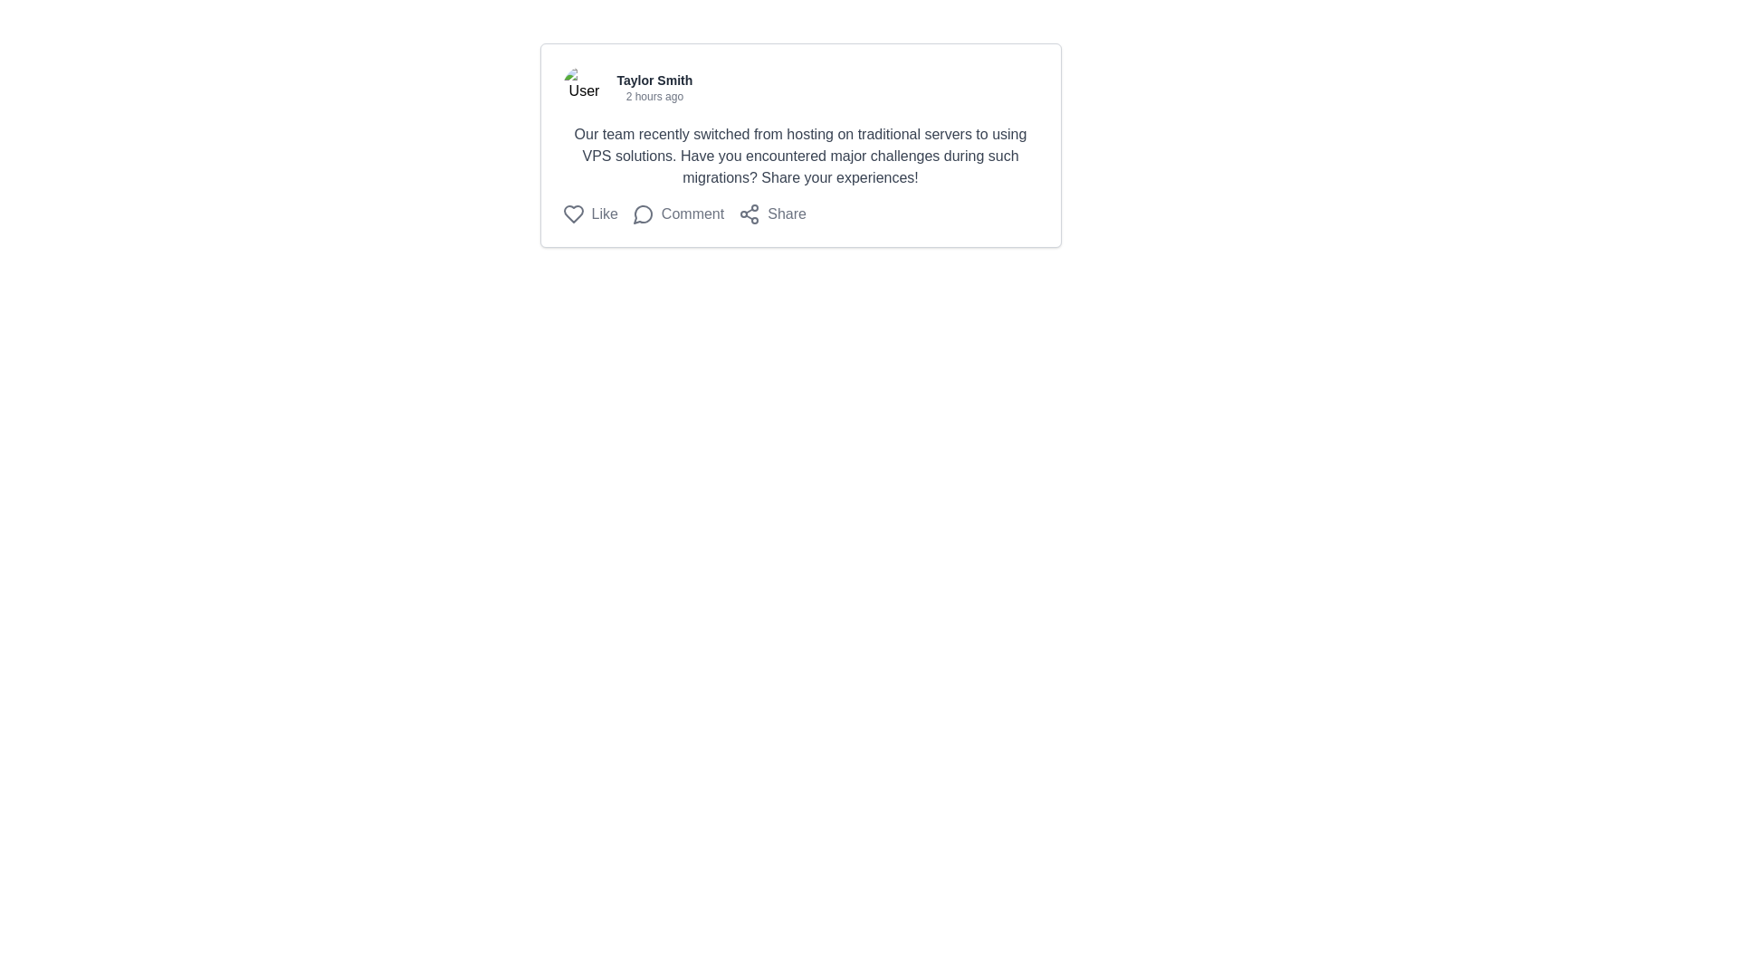 The image size is (1738, 977). Describe the element at coordinates (677, 213) in the screenshot. I see `the speech bubble icon in the 'Comment' button, which is the second interactive item in a sequence of three options below a post content area` at that location.